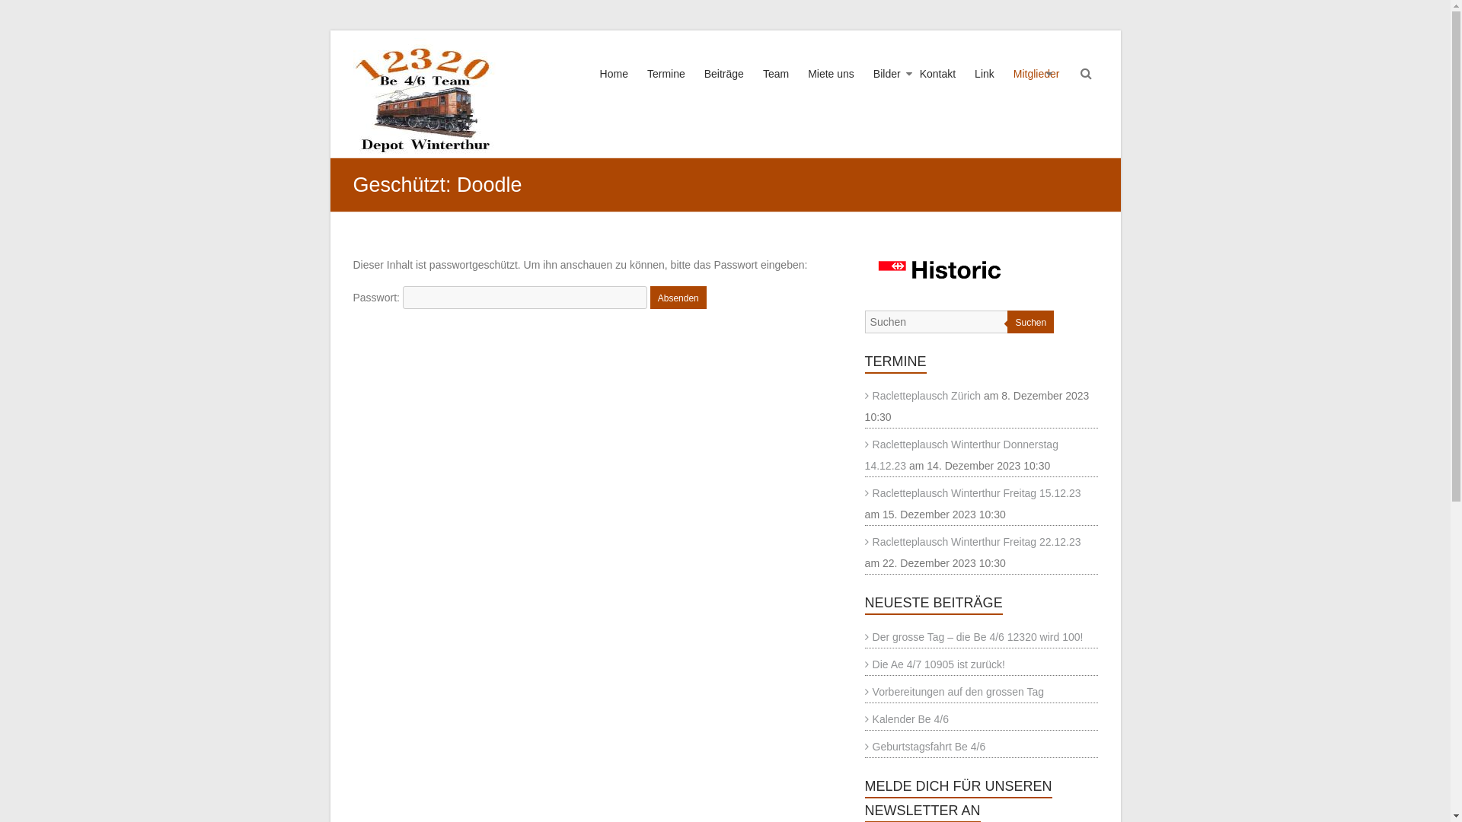 The height and width of the screenshot is (822, 1462). Describe the element at coordinates (906, 719) in the screenshot. I see `'Kalender Be 4/6'` at that location.